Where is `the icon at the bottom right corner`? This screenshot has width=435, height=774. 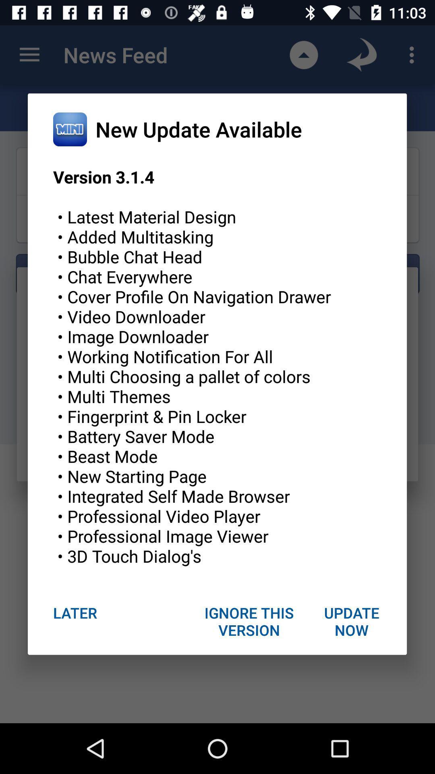
the icon at the bottom right corner is located at coordinates (351, 621).